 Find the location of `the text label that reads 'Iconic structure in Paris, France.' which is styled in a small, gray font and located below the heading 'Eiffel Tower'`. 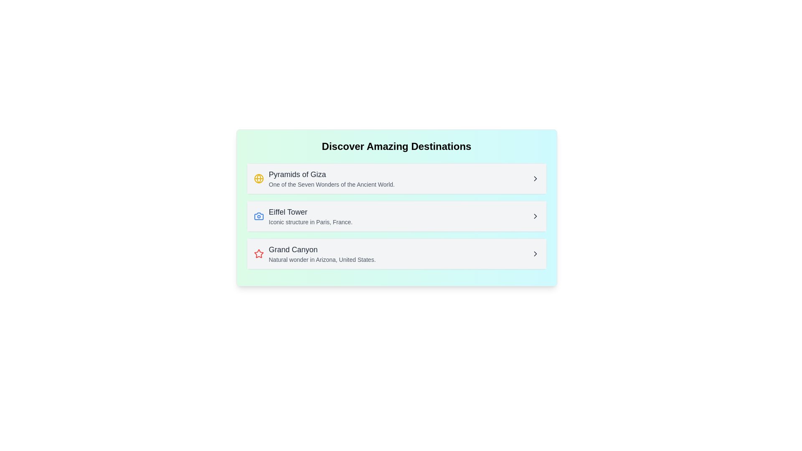

the text label that reads 'Iconic structure in Paris, France.' which is styled in a small, gray font and located below the heading 'Eiffel Tower' is located at coordinates (310, 222).